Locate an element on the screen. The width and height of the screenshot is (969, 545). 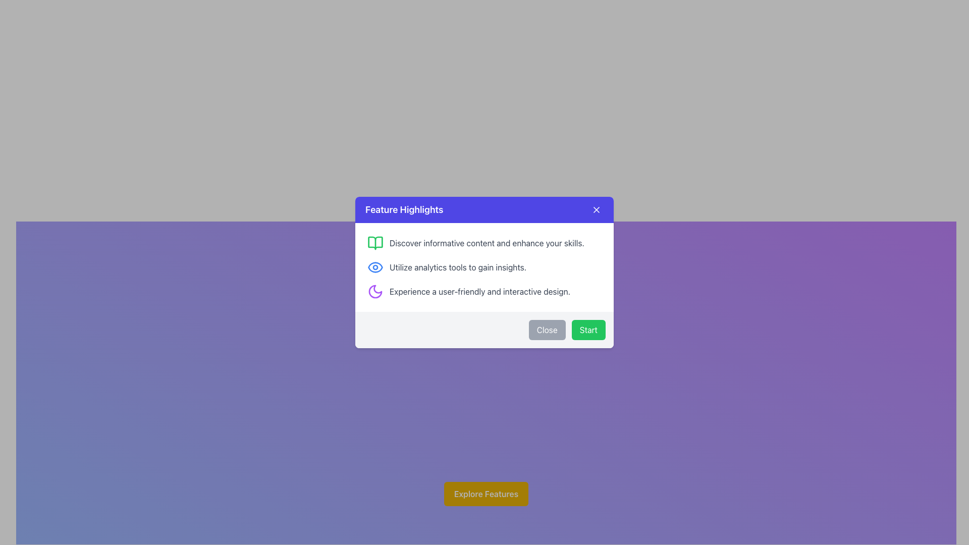
the informative text label describing a feature of the application, which is the second item in the list and is positioned under an eye icon is located at coordinates (457, 266).